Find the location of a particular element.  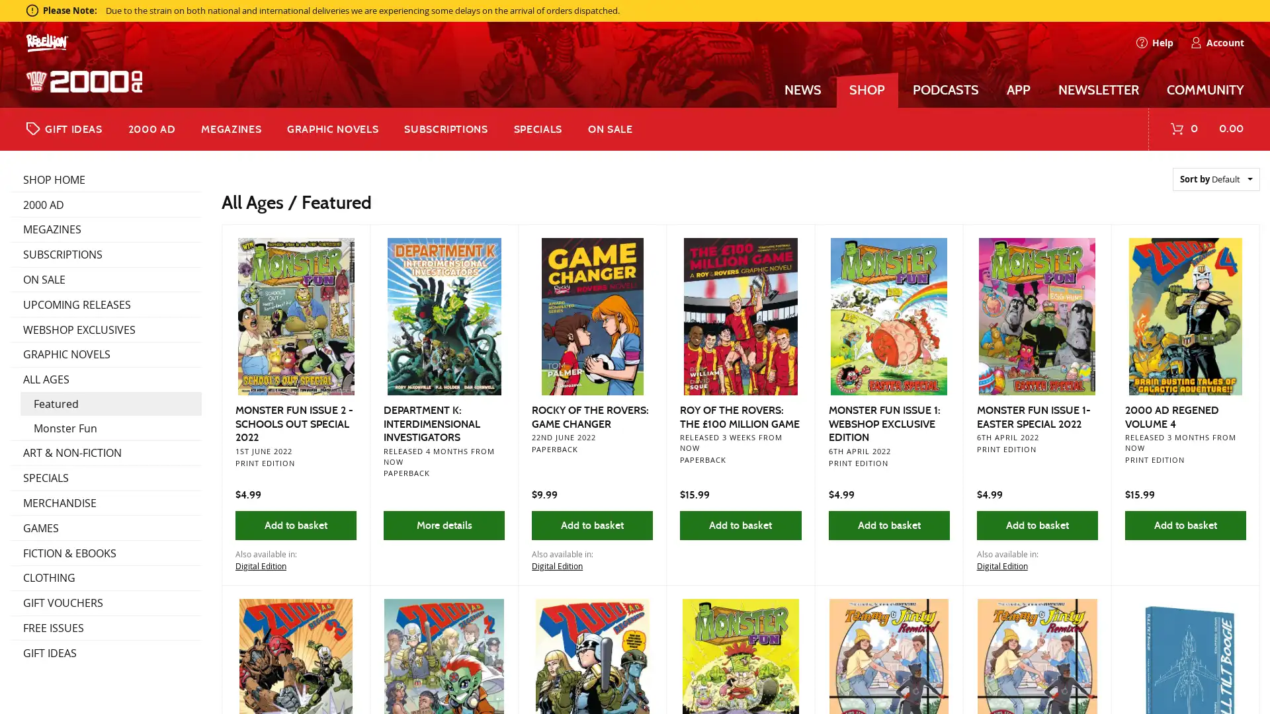

Digital Edition is located at coordinates (557, 565).